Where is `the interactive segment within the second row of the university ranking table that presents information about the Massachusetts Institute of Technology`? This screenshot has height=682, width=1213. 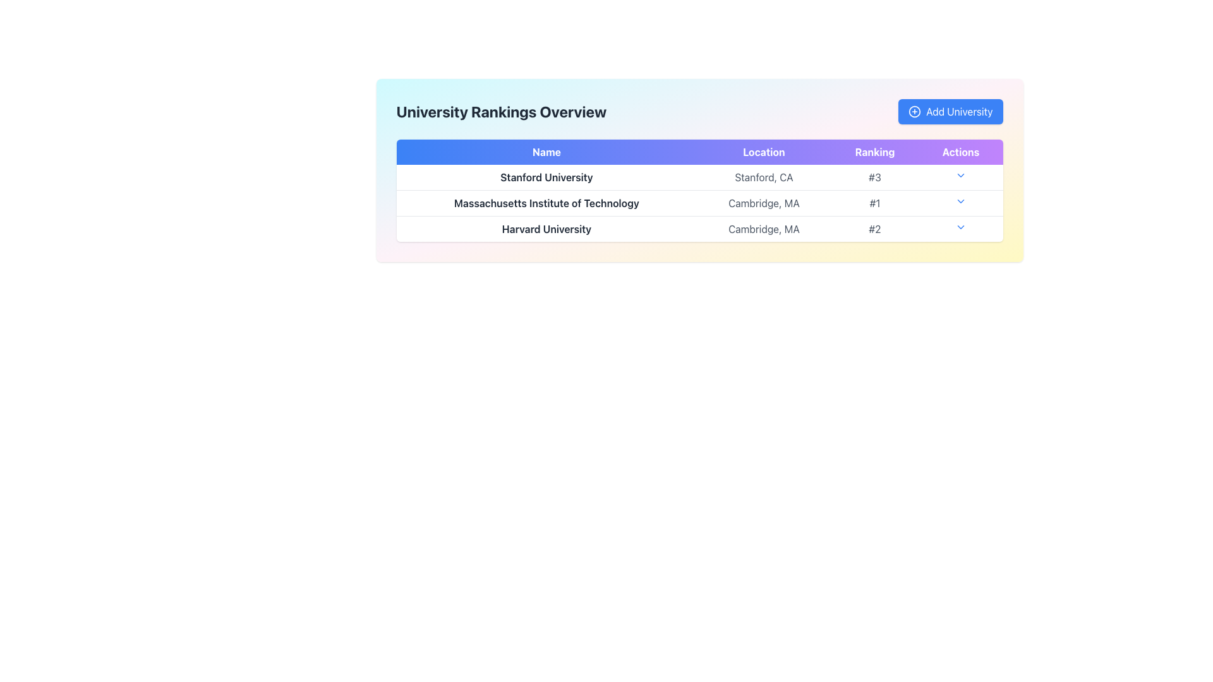 the interactive segment within the second row of the university ranking table that presents information about the Massachusetts Institute of Technology is located at coordinates (699, 202).